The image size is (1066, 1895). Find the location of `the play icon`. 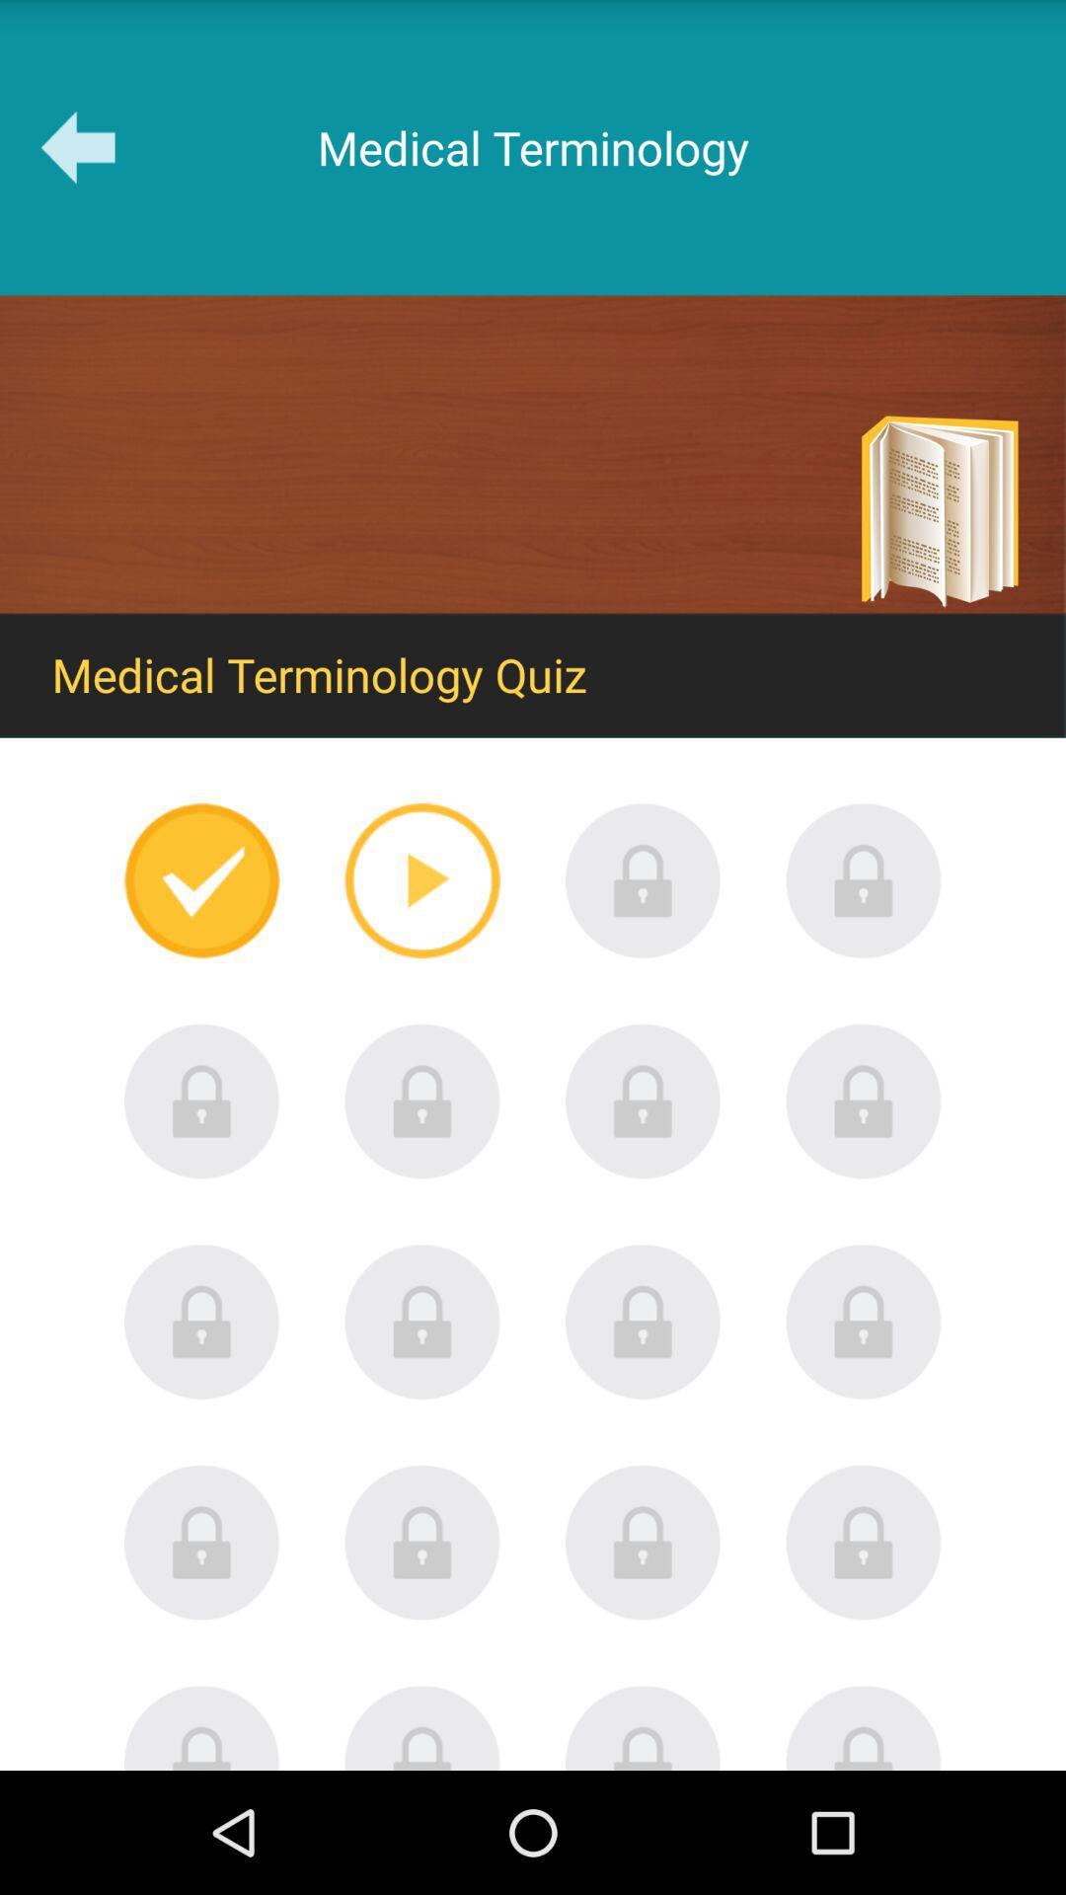

the play icon is located at coordinates (421, 942).